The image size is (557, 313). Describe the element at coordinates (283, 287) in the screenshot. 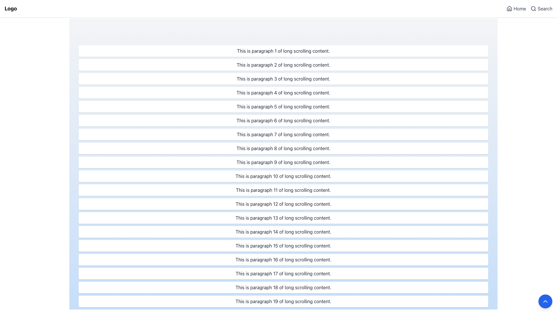

I see `the text block element that displays 'This is paragraph 18 of long scrolling content.', located between paragraphs 17 and 19` at that location.